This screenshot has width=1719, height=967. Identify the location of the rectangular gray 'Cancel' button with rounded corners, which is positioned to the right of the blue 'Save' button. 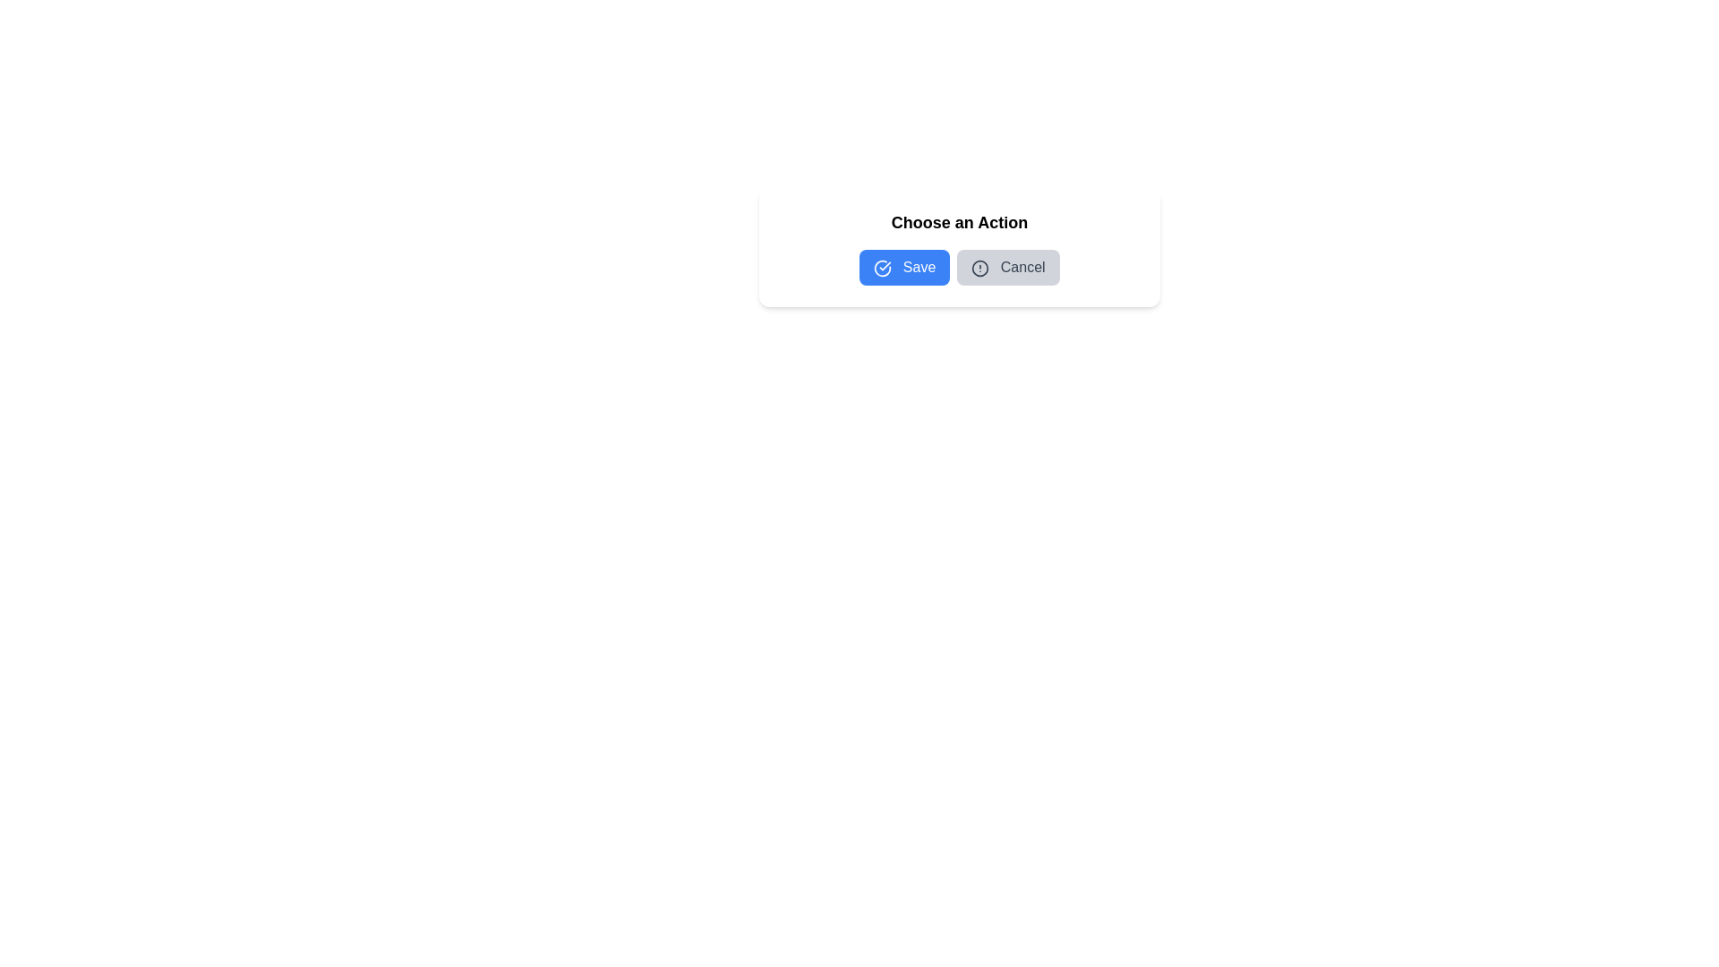
(1008, 268).